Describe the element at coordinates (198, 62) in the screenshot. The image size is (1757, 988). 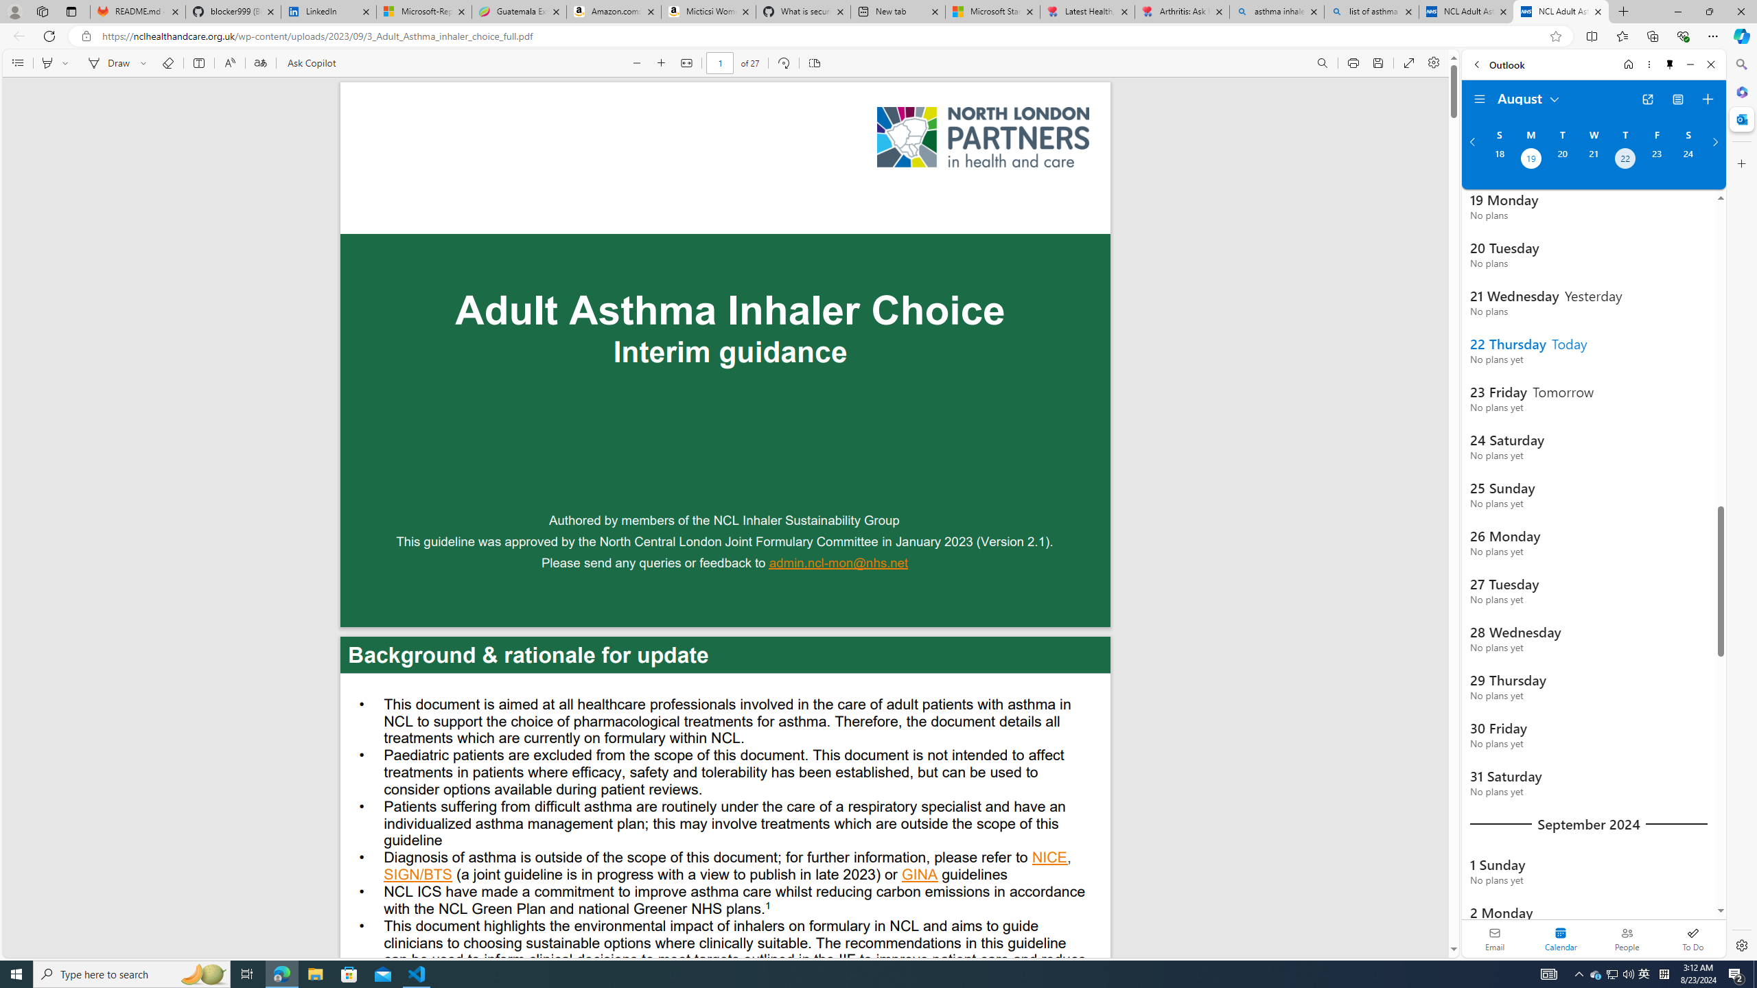
I see `'Add text'` at that location.